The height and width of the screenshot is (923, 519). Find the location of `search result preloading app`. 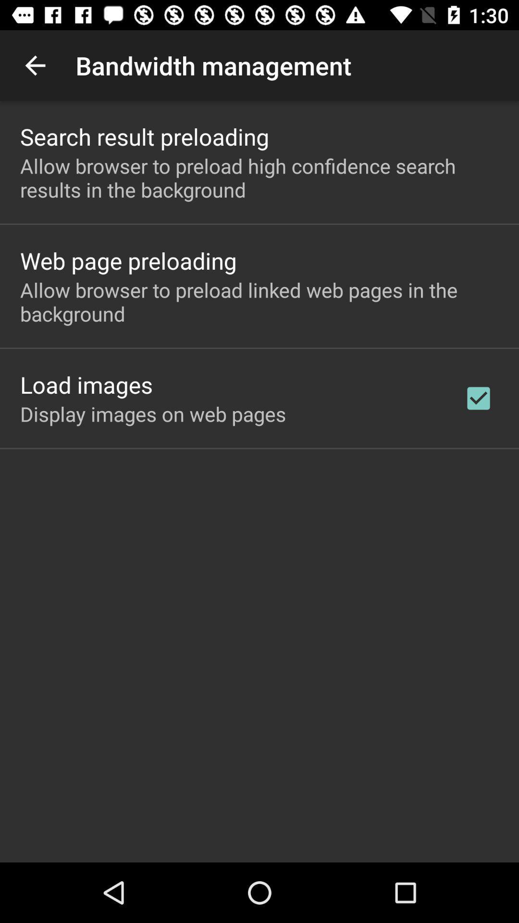

search result preloading app is located at coordinates (145, 136).